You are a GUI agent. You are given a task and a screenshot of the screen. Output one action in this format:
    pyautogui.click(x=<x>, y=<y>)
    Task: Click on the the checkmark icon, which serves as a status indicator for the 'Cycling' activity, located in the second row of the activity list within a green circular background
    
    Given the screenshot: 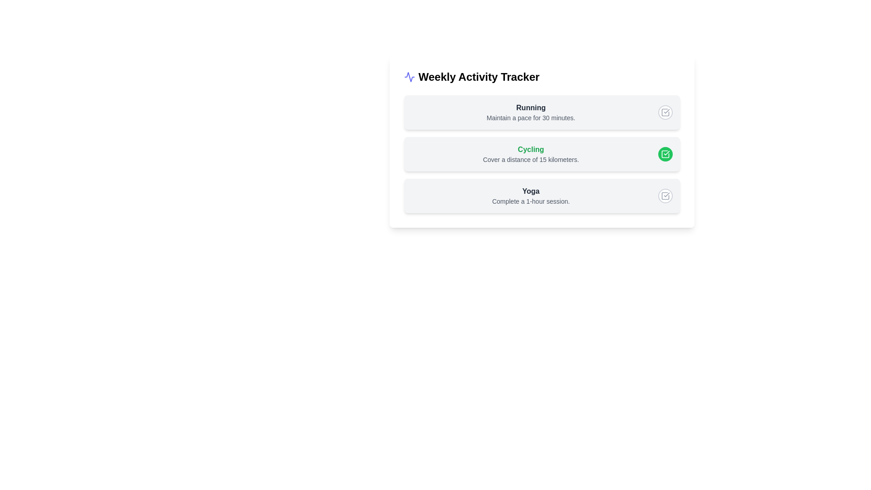 What is the action you would take?
    pyautogui.click(x=665, y=153)
    